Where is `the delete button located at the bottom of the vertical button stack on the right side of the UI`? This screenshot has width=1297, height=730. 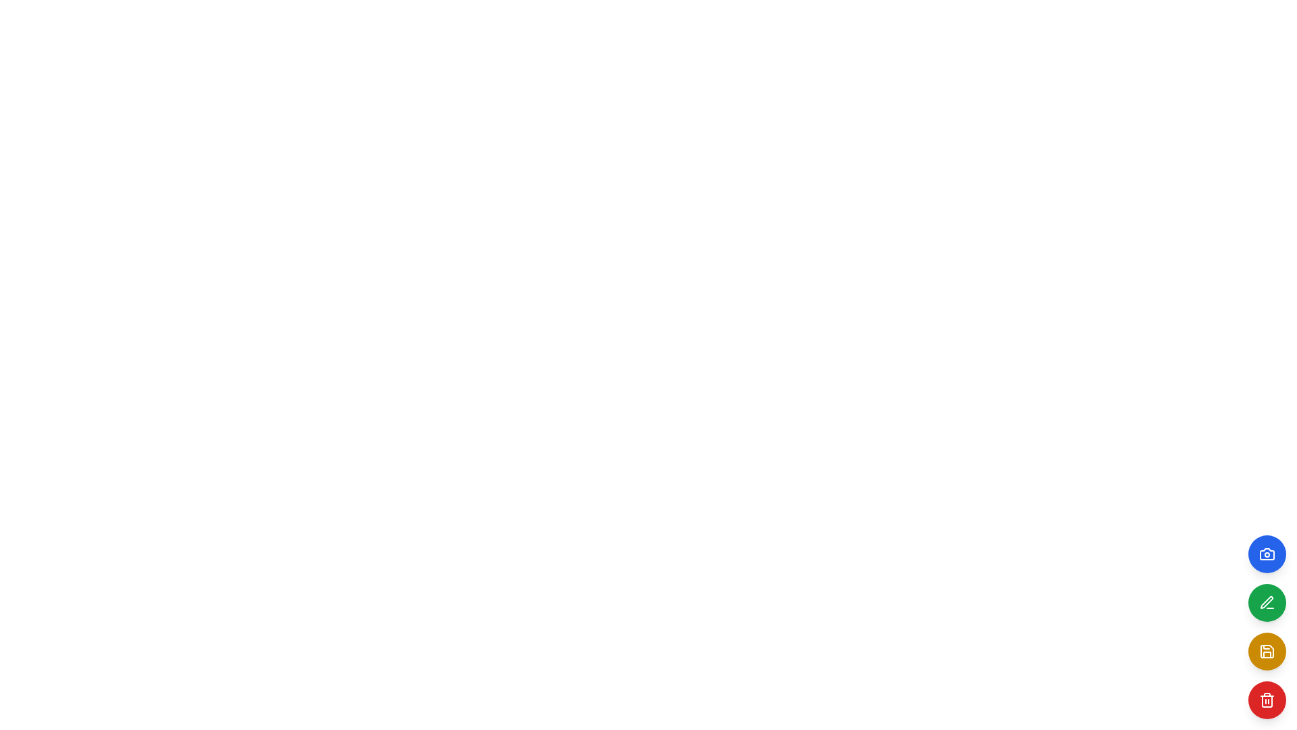
the delete button located at the bottom of the vertical button stack on the right side of the UI is located at coordinates (1267, 700).